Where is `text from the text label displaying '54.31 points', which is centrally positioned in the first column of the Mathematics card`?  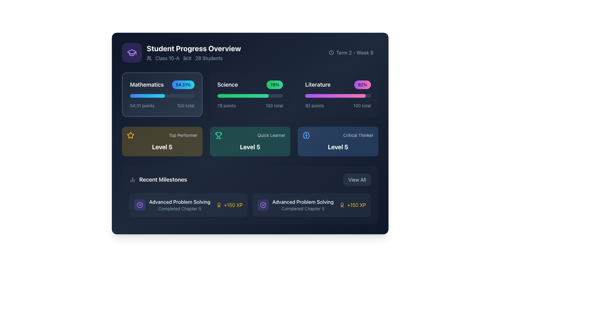
text from the text label displaying '54.31 points', which is centrally positioned in the first column of the Mathematics card is located at coordinates (142, 105).